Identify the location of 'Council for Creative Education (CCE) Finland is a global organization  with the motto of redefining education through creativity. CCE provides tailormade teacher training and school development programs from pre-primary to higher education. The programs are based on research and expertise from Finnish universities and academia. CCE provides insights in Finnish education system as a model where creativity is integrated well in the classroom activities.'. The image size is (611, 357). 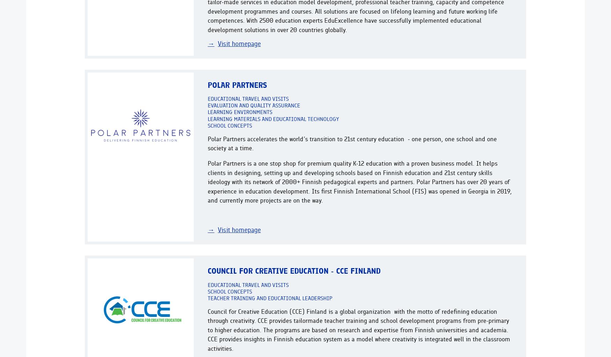
(358, 329).